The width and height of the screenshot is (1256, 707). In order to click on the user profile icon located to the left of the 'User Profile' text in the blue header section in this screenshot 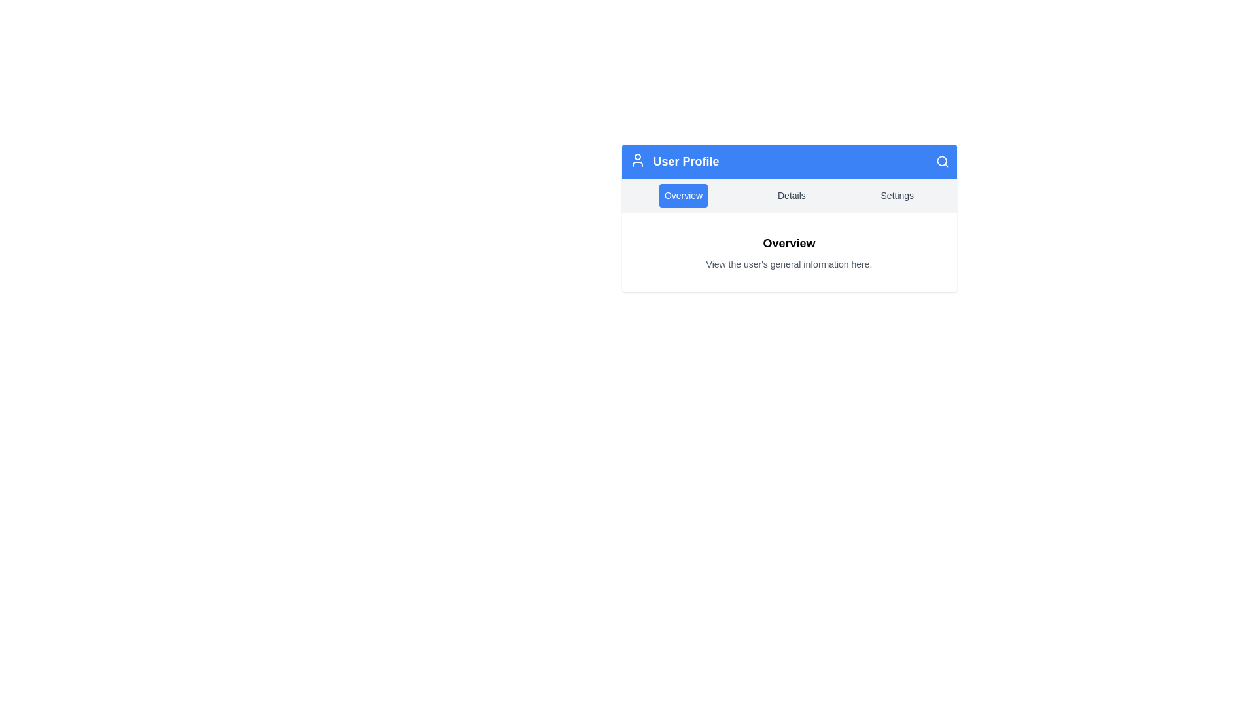, I will do `click(637, 160)`.